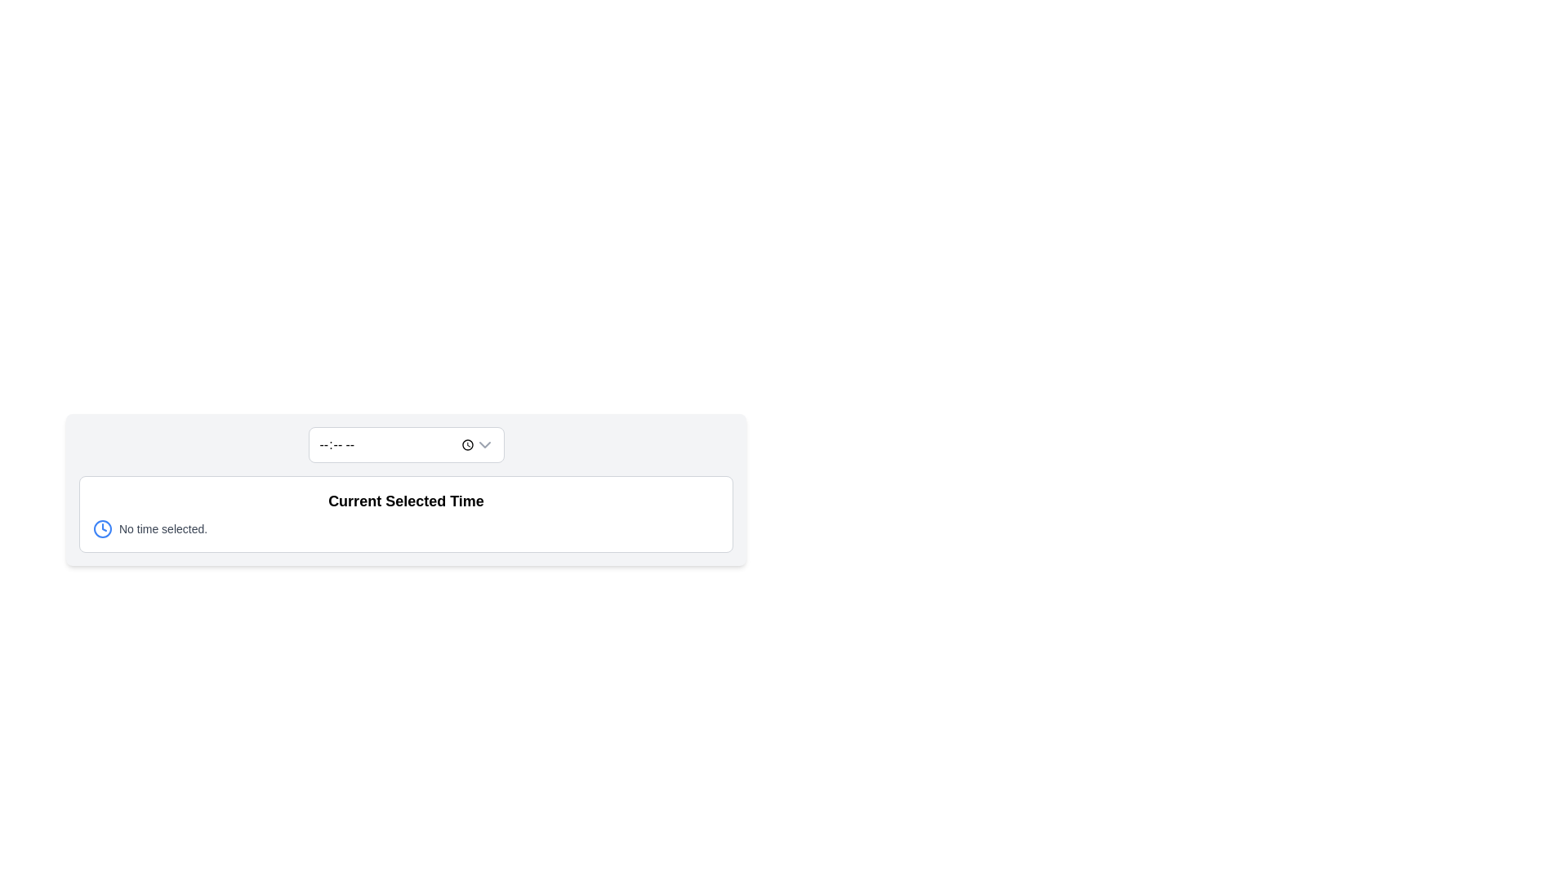  I want to click on the interactive icon for expanding the dropdown menu, located at the far right edge of the input box, so click(483, 444).